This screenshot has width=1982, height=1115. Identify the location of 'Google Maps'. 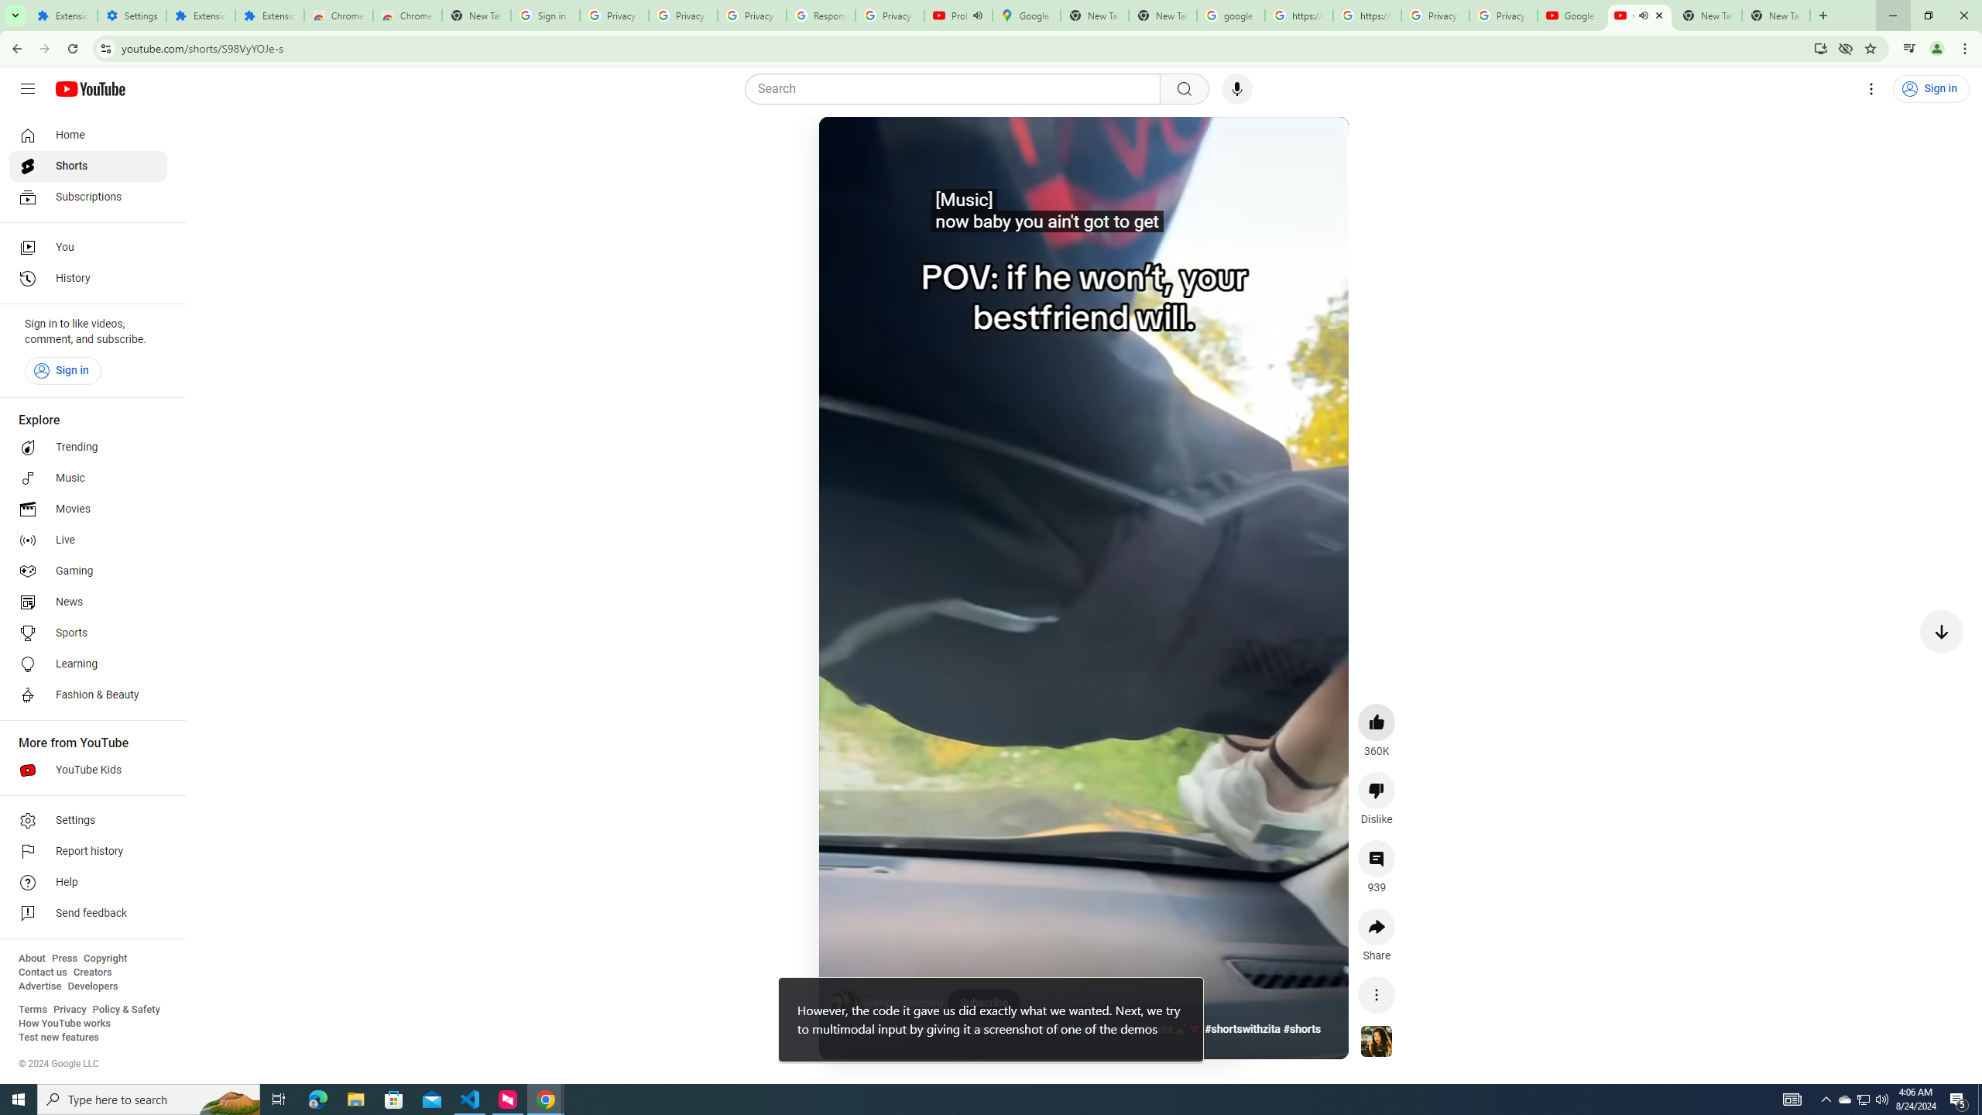
(1026, 15).